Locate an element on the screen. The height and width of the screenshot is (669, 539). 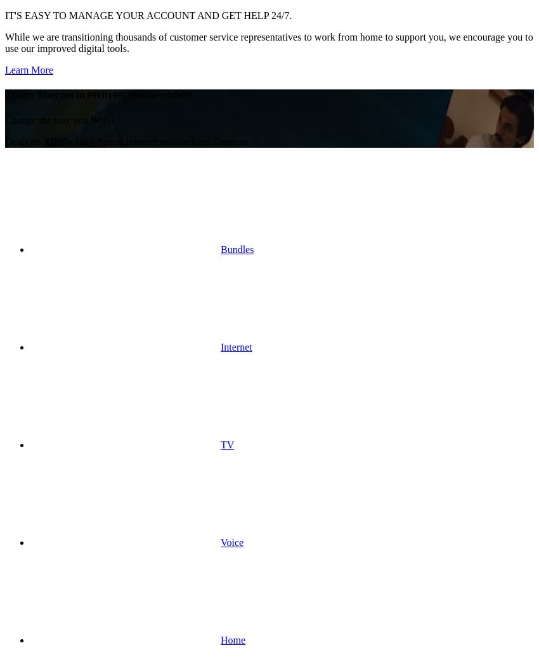
'Learn More' is located at coordinates (4, 69).